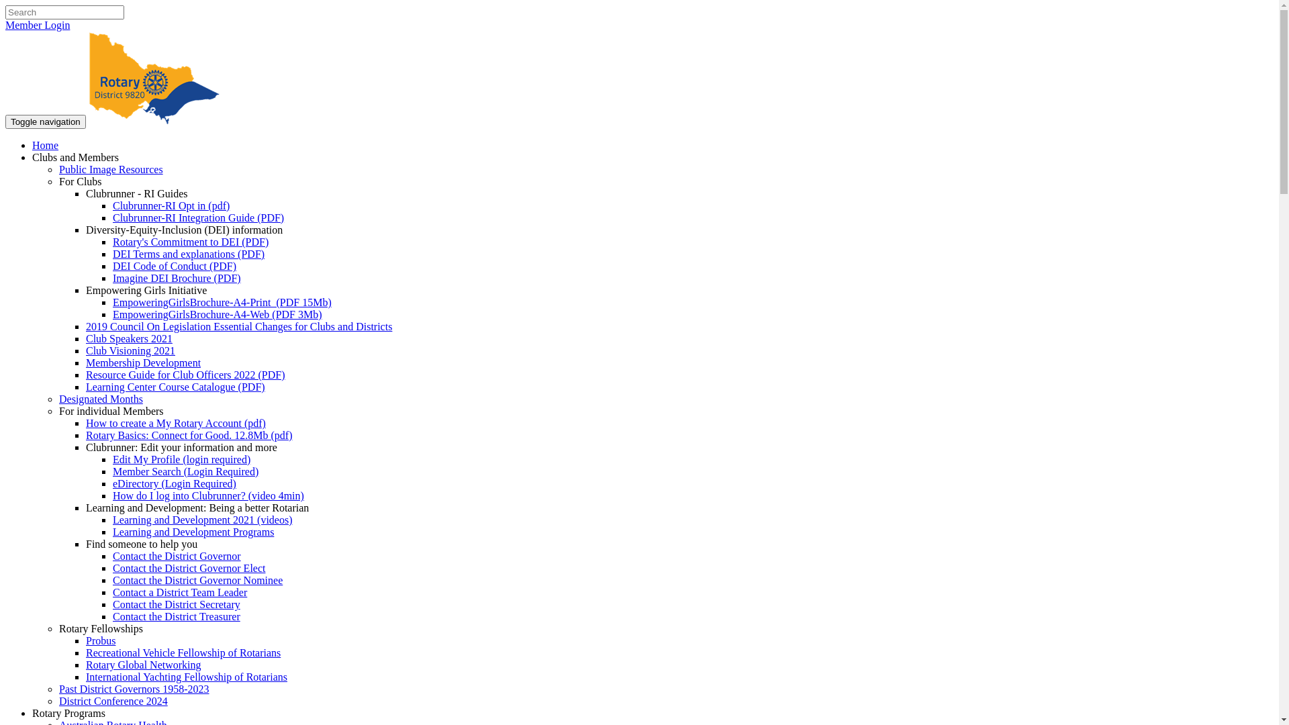  I want to click on 'How to create a My Rotary Account (pdf)', so click(175, 423).